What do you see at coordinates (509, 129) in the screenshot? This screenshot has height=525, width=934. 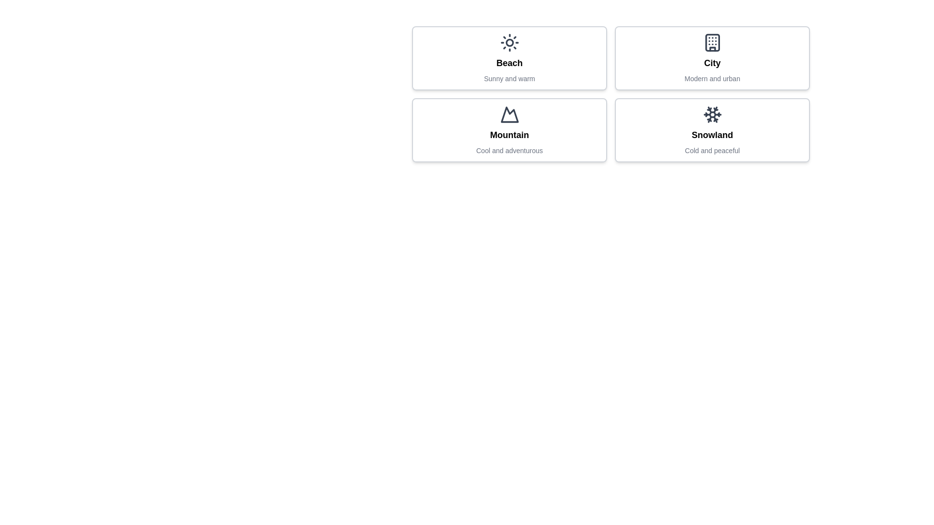 I see `the panel displaying a gray mountain icon with the text 'Mountain' and 'Cool and adventurous' below it, located in the lower left of the grid layout` at bounding box center [509, 129].